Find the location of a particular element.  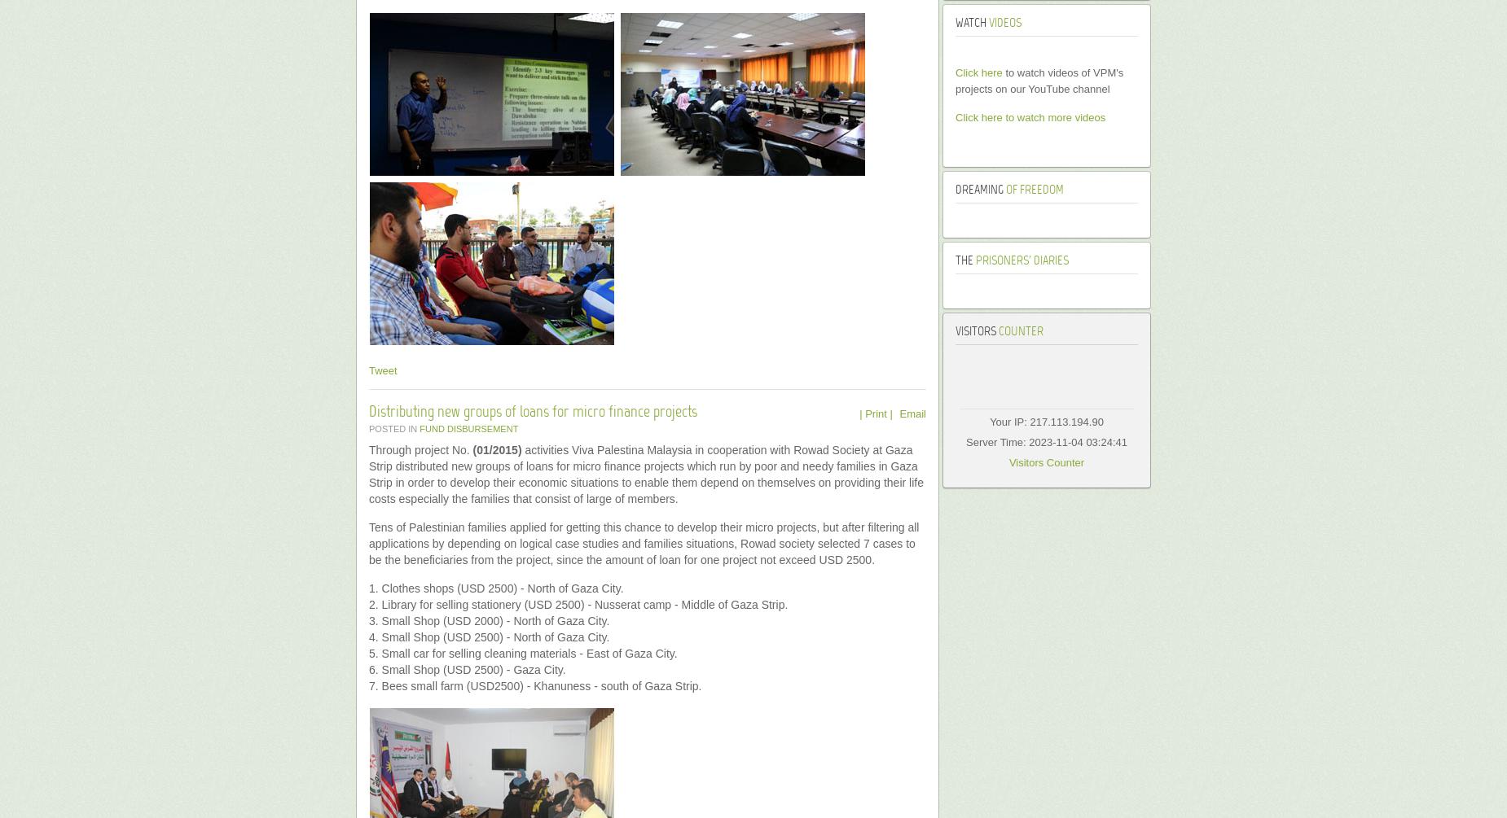

'2. Library for selling stationery (USD 2500) - Nusserat camp - Middle of Gaza Strip.' is located at coordinates (368, 604).